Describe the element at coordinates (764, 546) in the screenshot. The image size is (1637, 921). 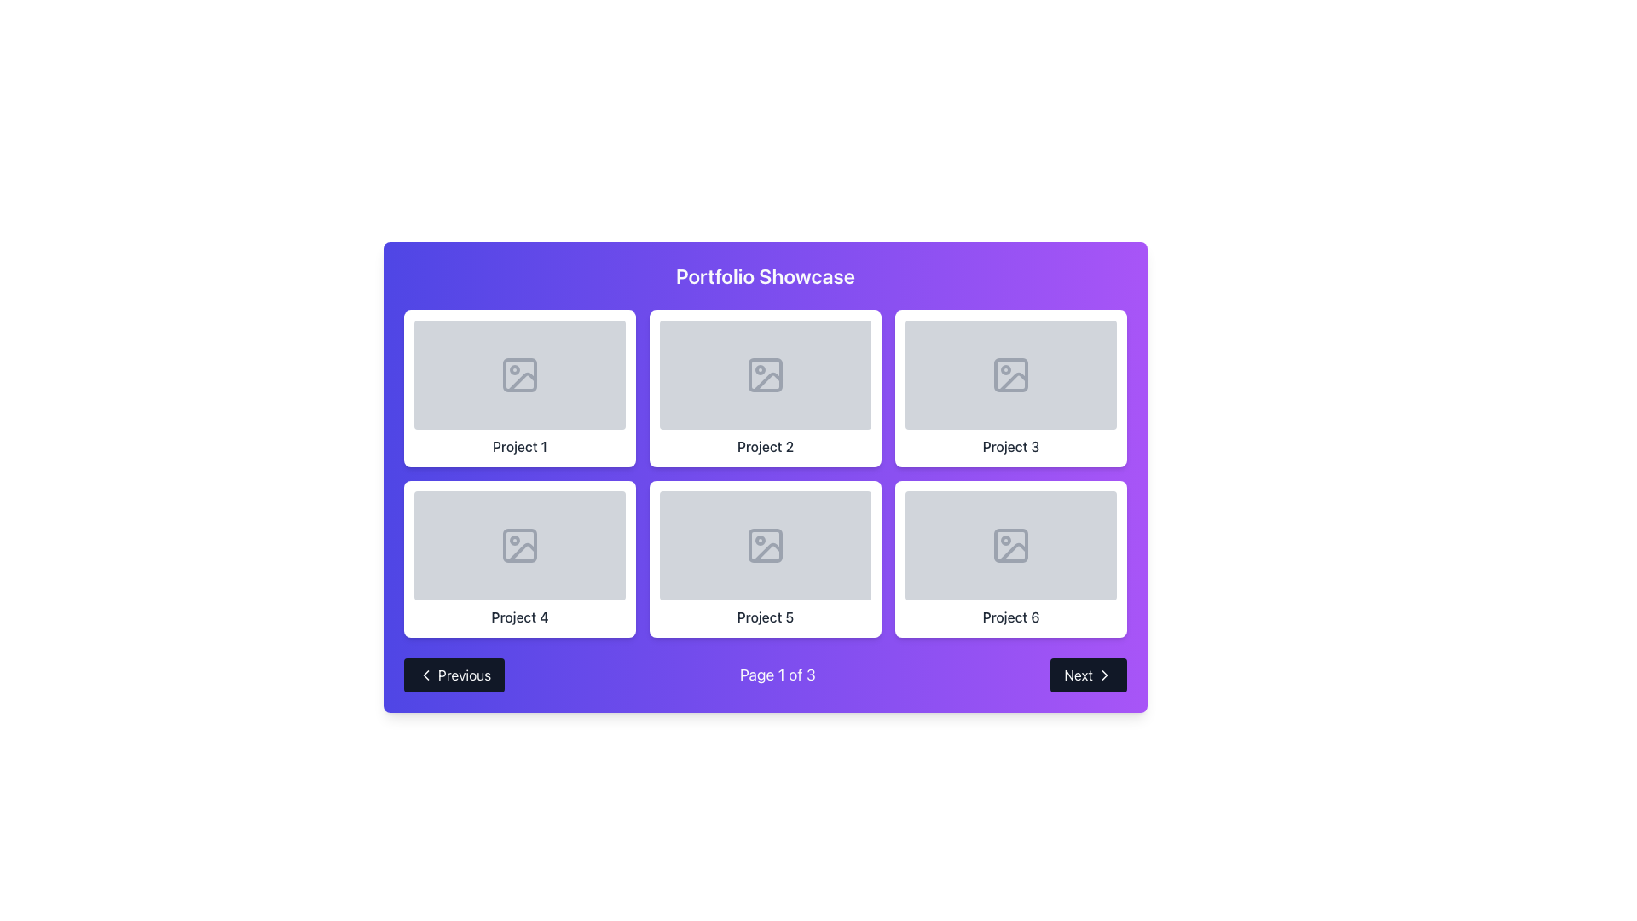
I see `the icon representing the visual identifier for 'Project 5' located in the second row of a 2x3 grid` at that location.